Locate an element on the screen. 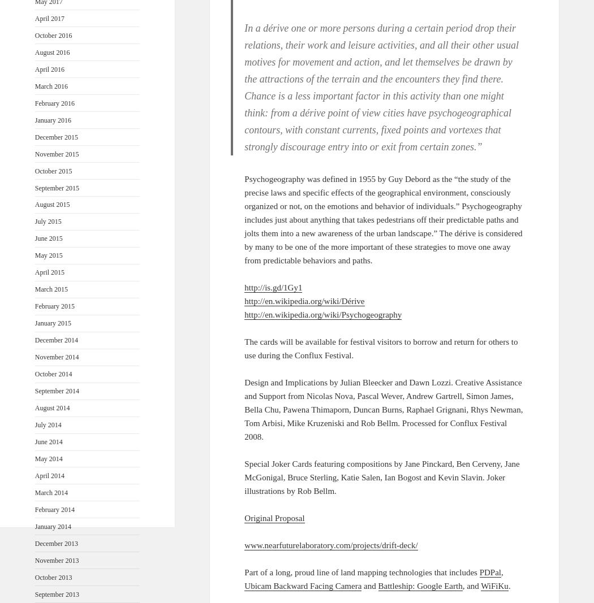 This screenshot has width=594, height=603. 'Design and Implications by Julian Bleecker and Dawn Lozzi. Creative Assistance and Support from Nicolas Nova, Pascal Wever, Andrew Gartrell, Simon James, Bella Chu, Pawena Thimaporn, Duncan Burns, Raphael Grignani, Rhys Newman, Tom Arbisi, Mike Kruzeniski and Rob Bellm. Processed for Conflux Festival 2008.' is located at coordinates (383, 409).